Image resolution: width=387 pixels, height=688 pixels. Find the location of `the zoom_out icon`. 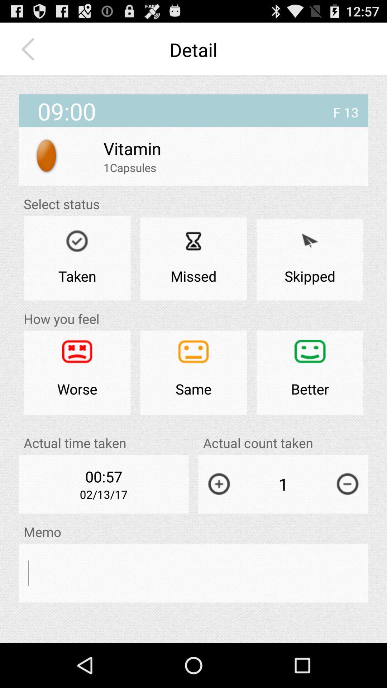

the zoom_out icon is located at coordinates (347, 518).